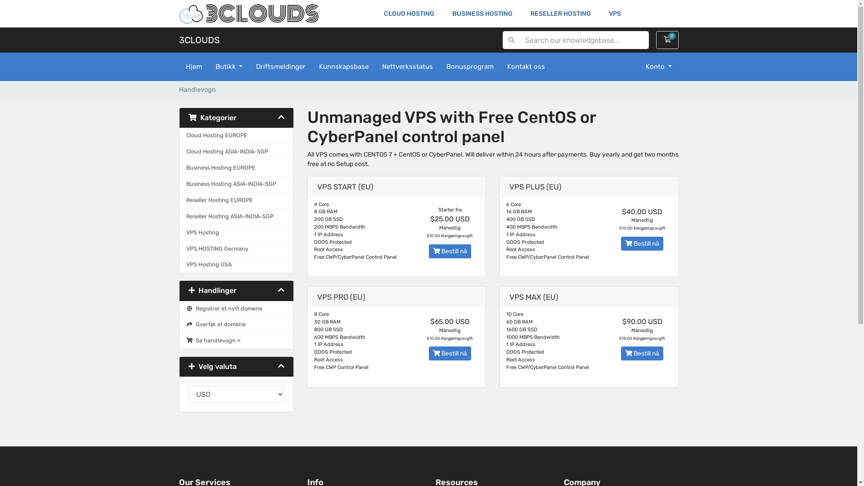 This screenshot has height=486, width=864. What do you see at coordinates (481, 13) in the screenshot?
I see `'BUSINESS HOSTING'` at bounding box center [481, 13].